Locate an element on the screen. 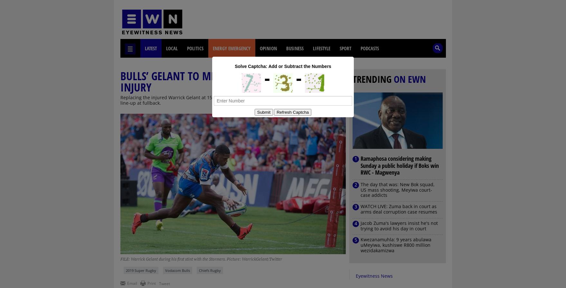  'Bulls’ Gelant to miss Chiefs clash due to injury' is located at coordinates (220, 81).